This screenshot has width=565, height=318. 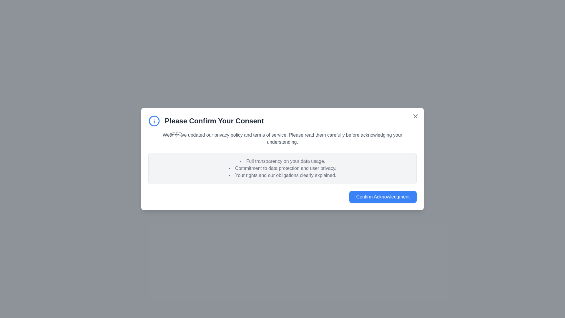 What do you see at coordinates (415, 116) in the screenshot?
I see `close button in the top-right corner of the prompt to dismiss it` at bounding box center [415, 116].